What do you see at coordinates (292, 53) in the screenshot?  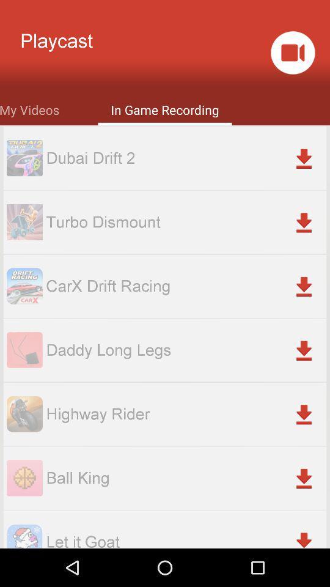 I see `the icon to the right of the playcast` at bounding box center [292, 53].